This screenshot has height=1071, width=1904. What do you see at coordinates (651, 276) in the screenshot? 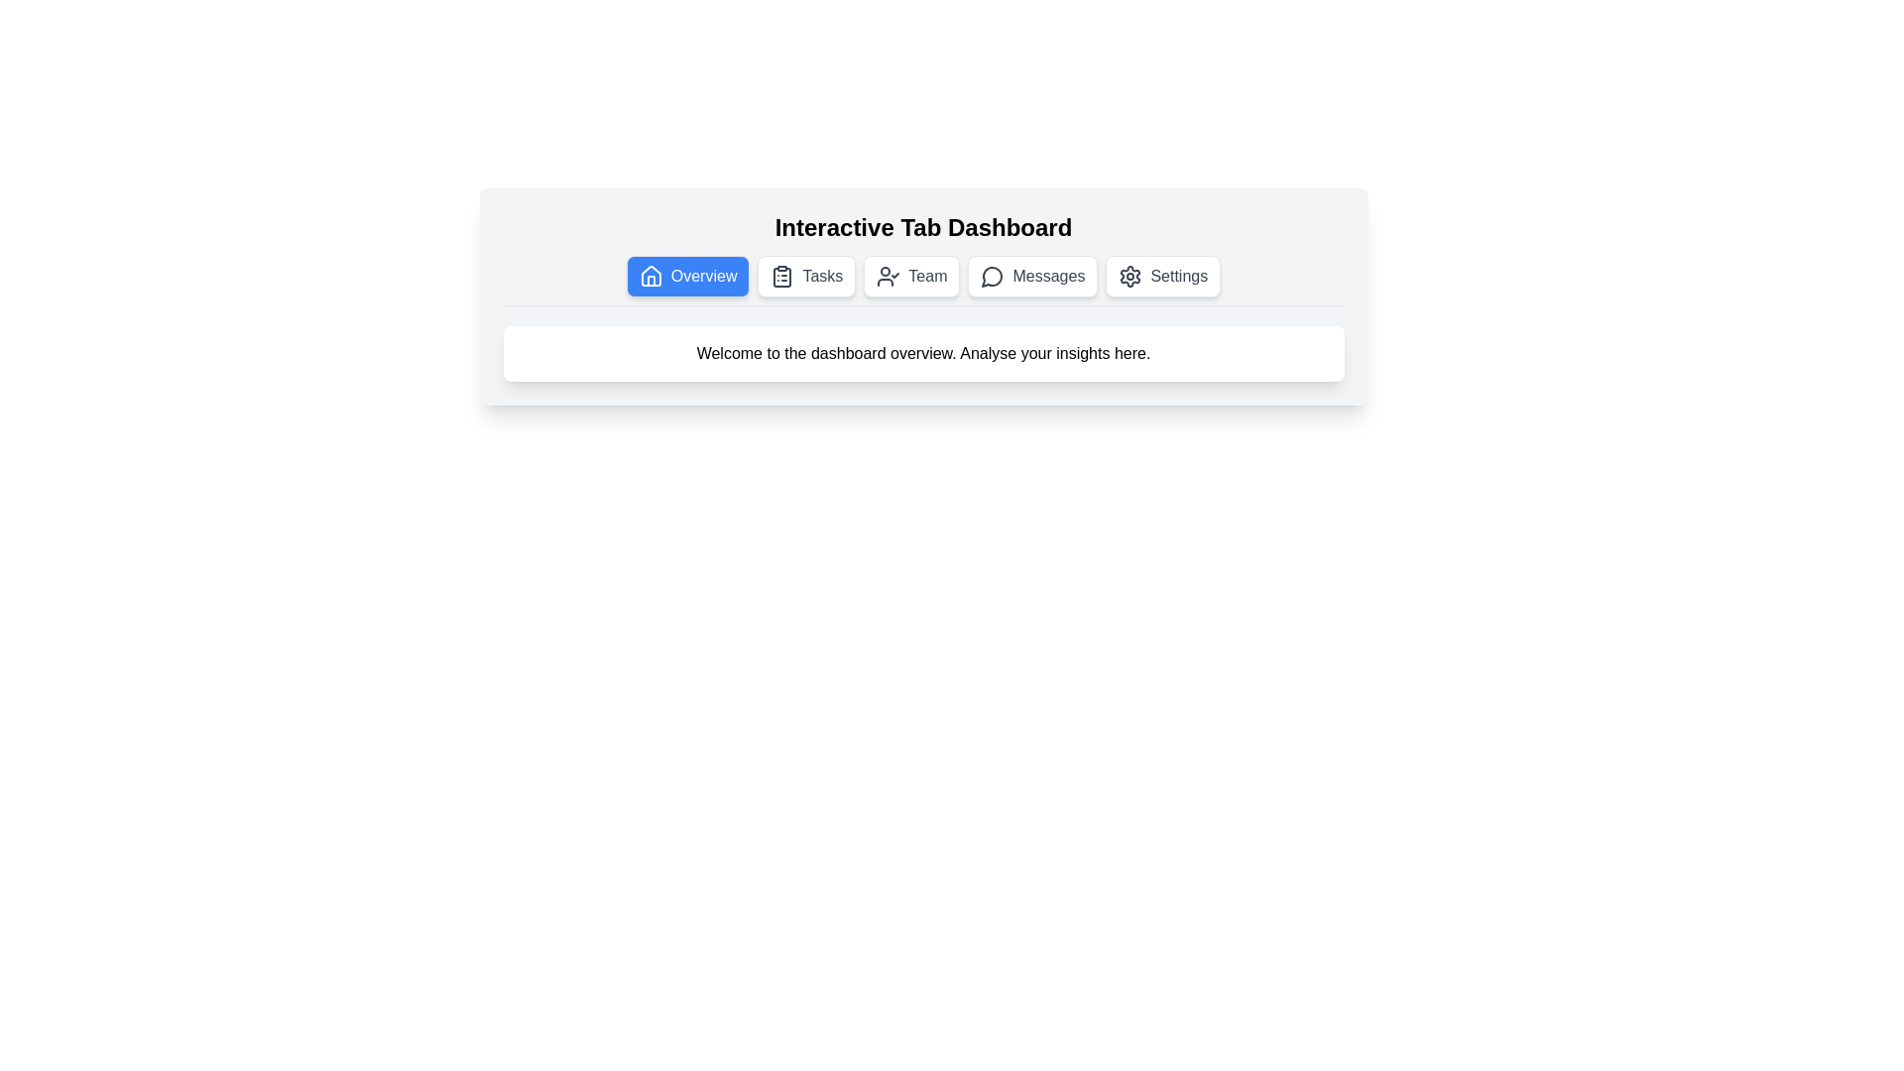
I see `the house icon representing 'Home' in the 'Overview' button located in the navigation bar` at bounding box center [651, 276].